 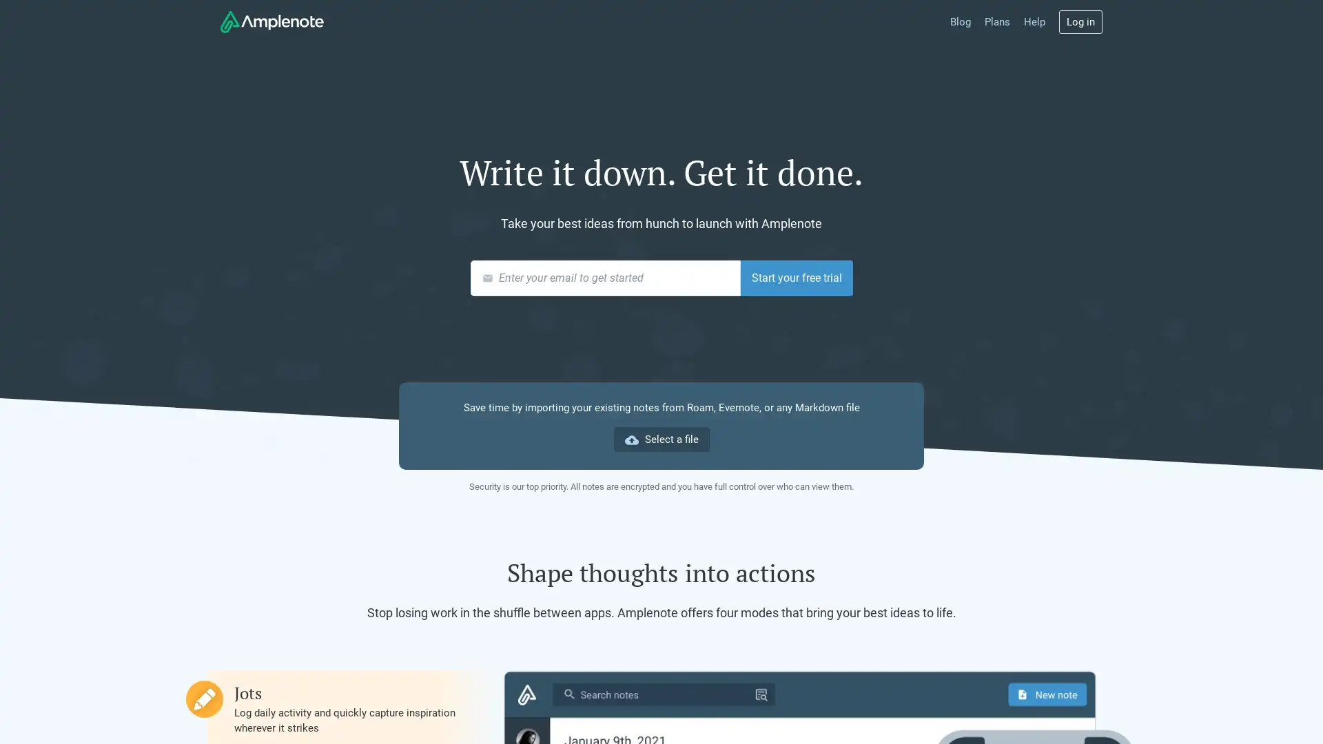 What do you see at coordinates (796, 278) in the screenshot?
I see `Start your free trial` at bounding box center [796, 278].